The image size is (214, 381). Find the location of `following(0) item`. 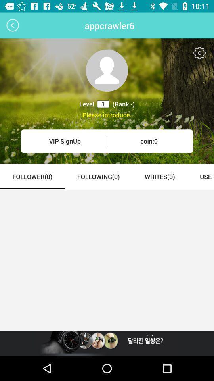

following(0) item is located at coordinates (98, 176).